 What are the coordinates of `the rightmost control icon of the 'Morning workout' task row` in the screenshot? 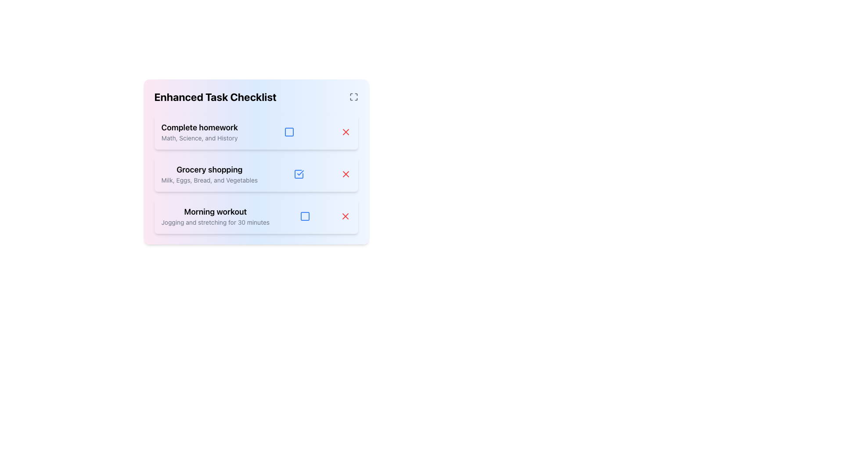 It's located at (305, 216).